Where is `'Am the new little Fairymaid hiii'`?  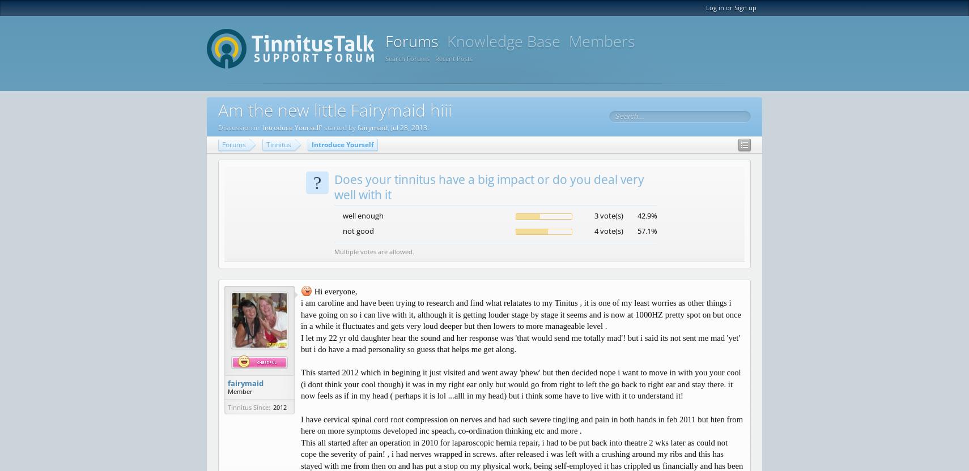 'Am the new little Fairymaid hiii' is located at coordinates (335, 109).